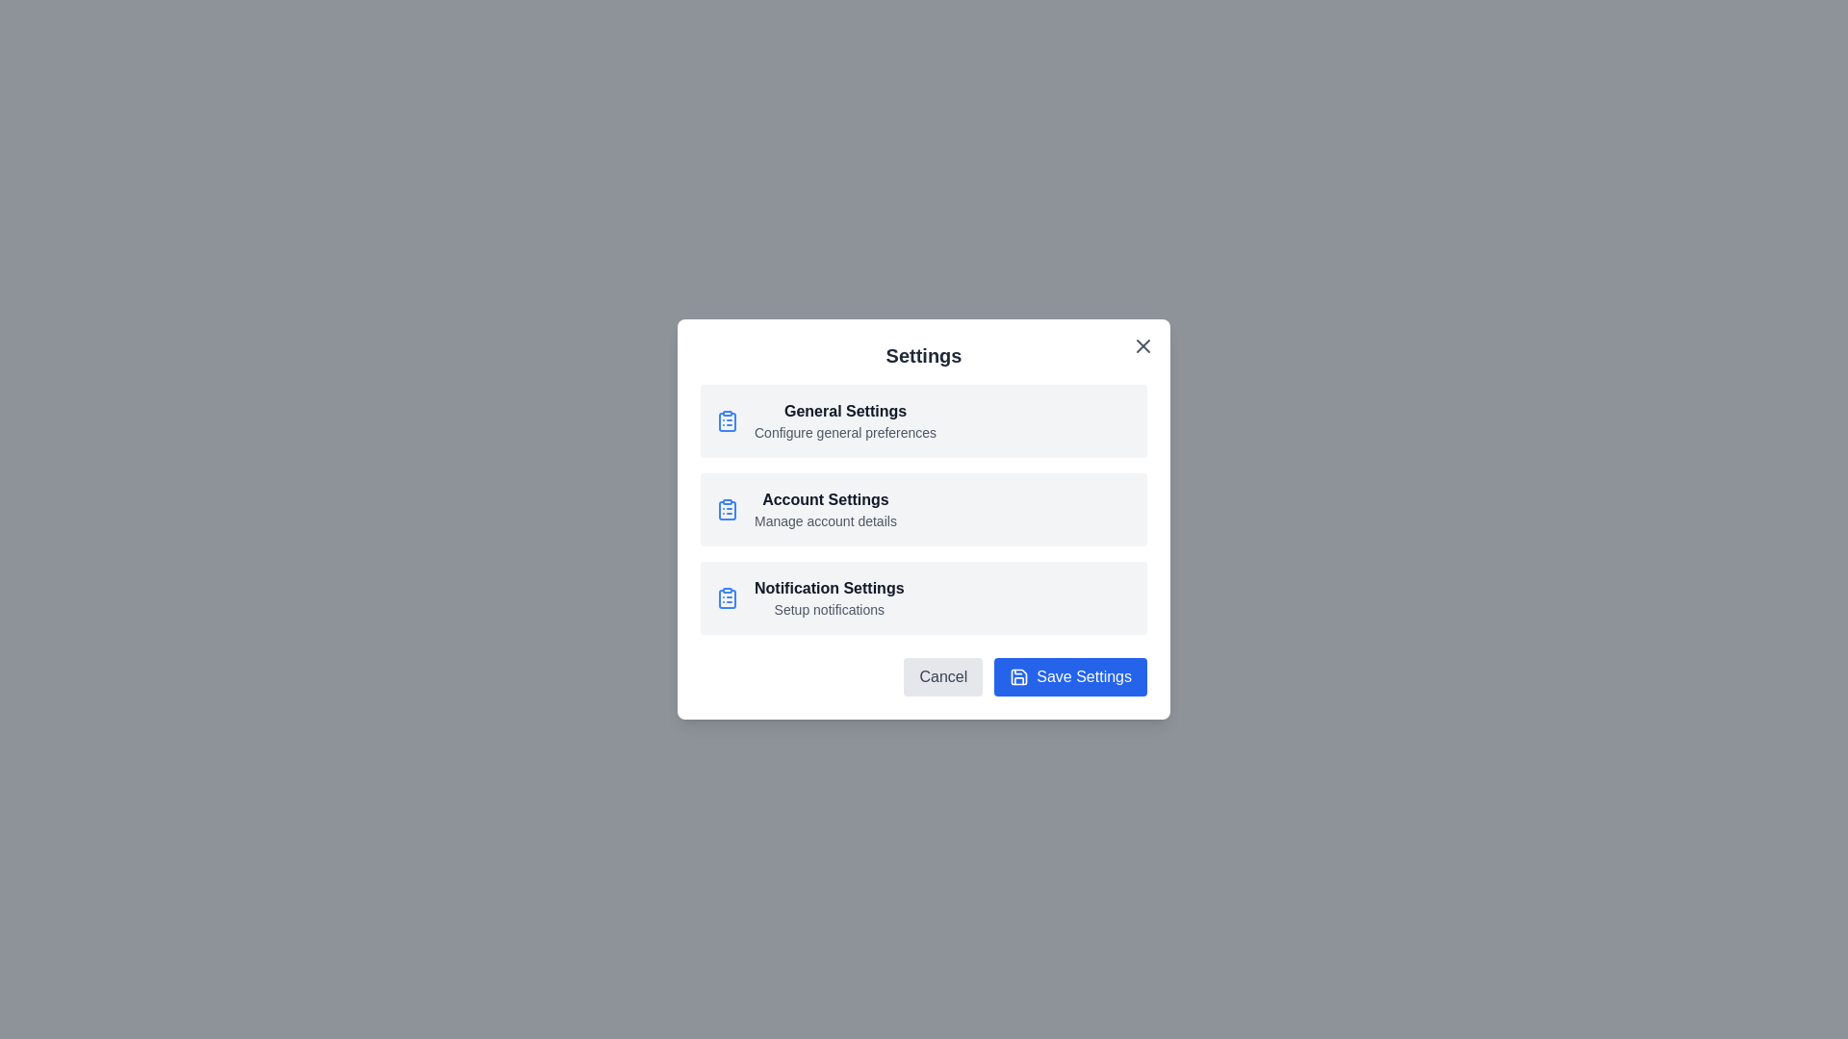 The width and height of the screenshot is (1848, 1039). I want to click on the second list item labeled 'Account Settings' in the settings menu, so click(924, 508).